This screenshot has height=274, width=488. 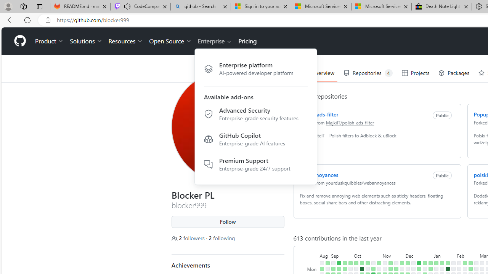 I want to click on '2 contributions on August 21st.', so click(x=322, y=268).